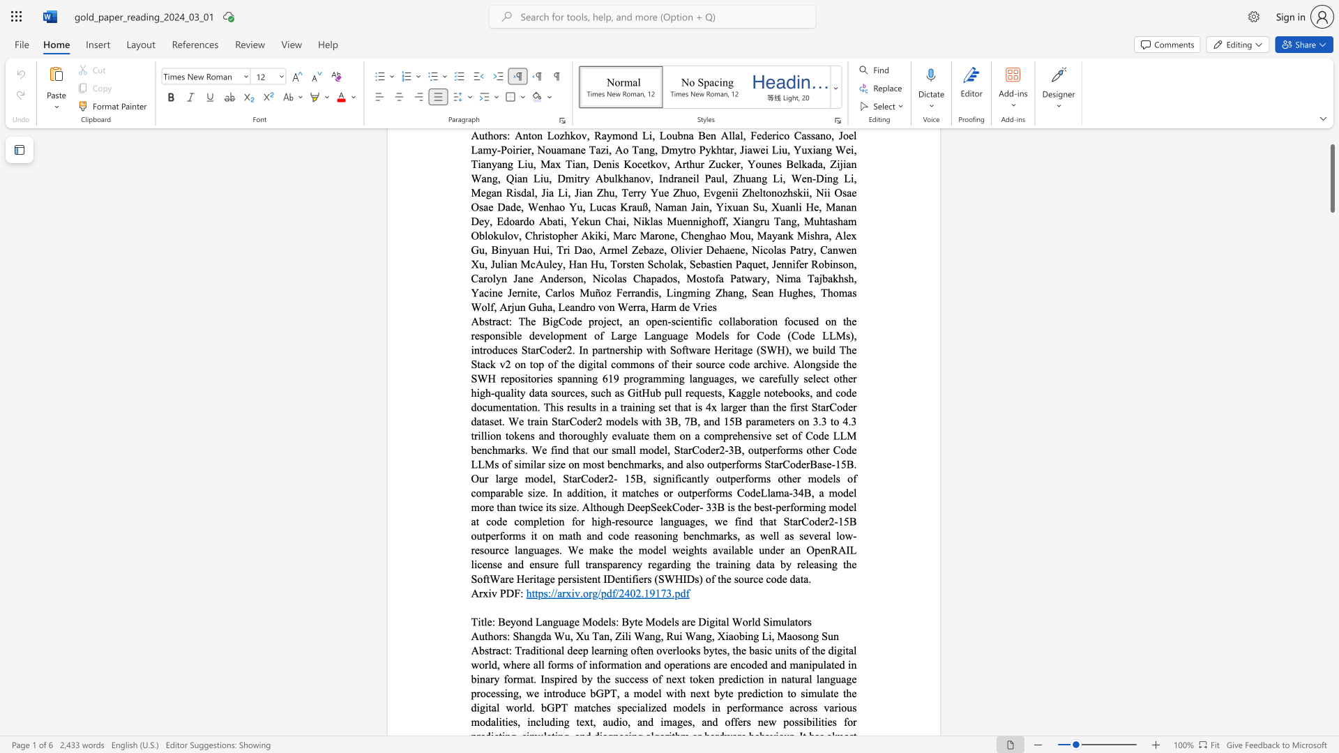  What do you see at coordinates (1331, 710) in the screenshot?
I see `the scrollbar to scroll downward` at bounding box center [1331, 710].